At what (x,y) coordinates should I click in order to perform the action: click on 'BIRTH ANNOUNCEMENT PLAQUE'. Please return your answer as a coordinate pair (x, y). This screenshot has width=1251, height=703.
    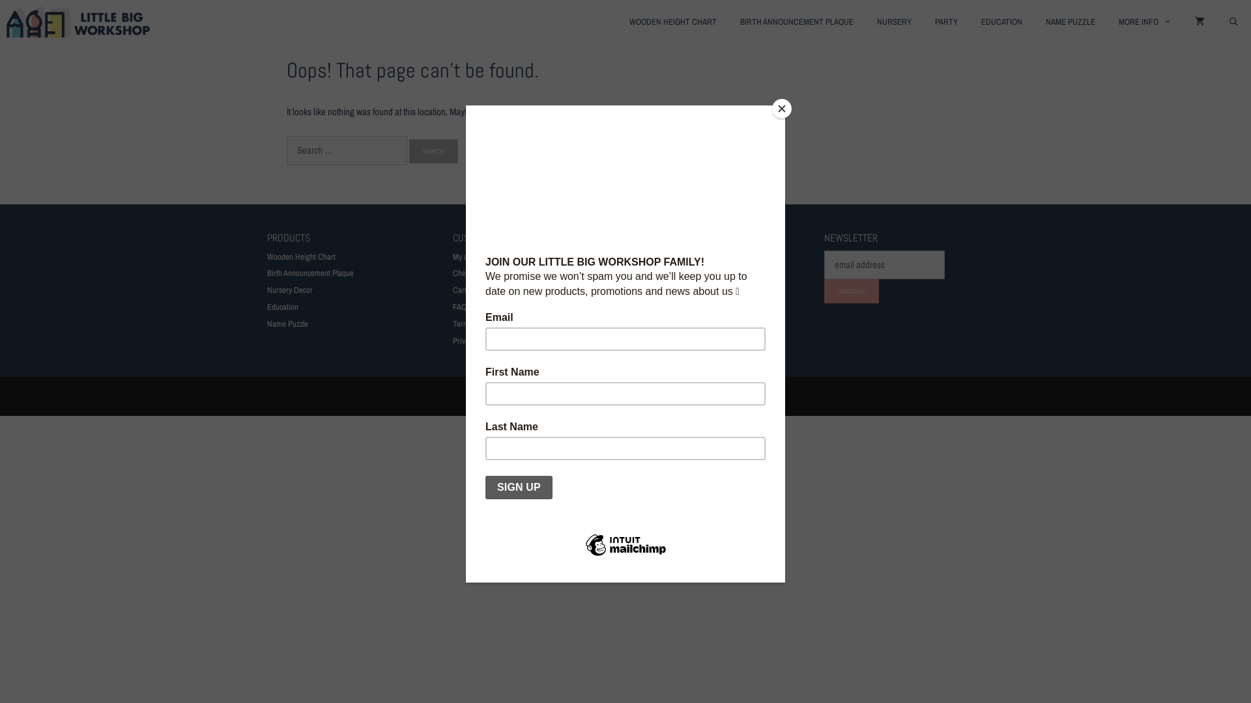
    Looking at the image, I should click on (796, 22).